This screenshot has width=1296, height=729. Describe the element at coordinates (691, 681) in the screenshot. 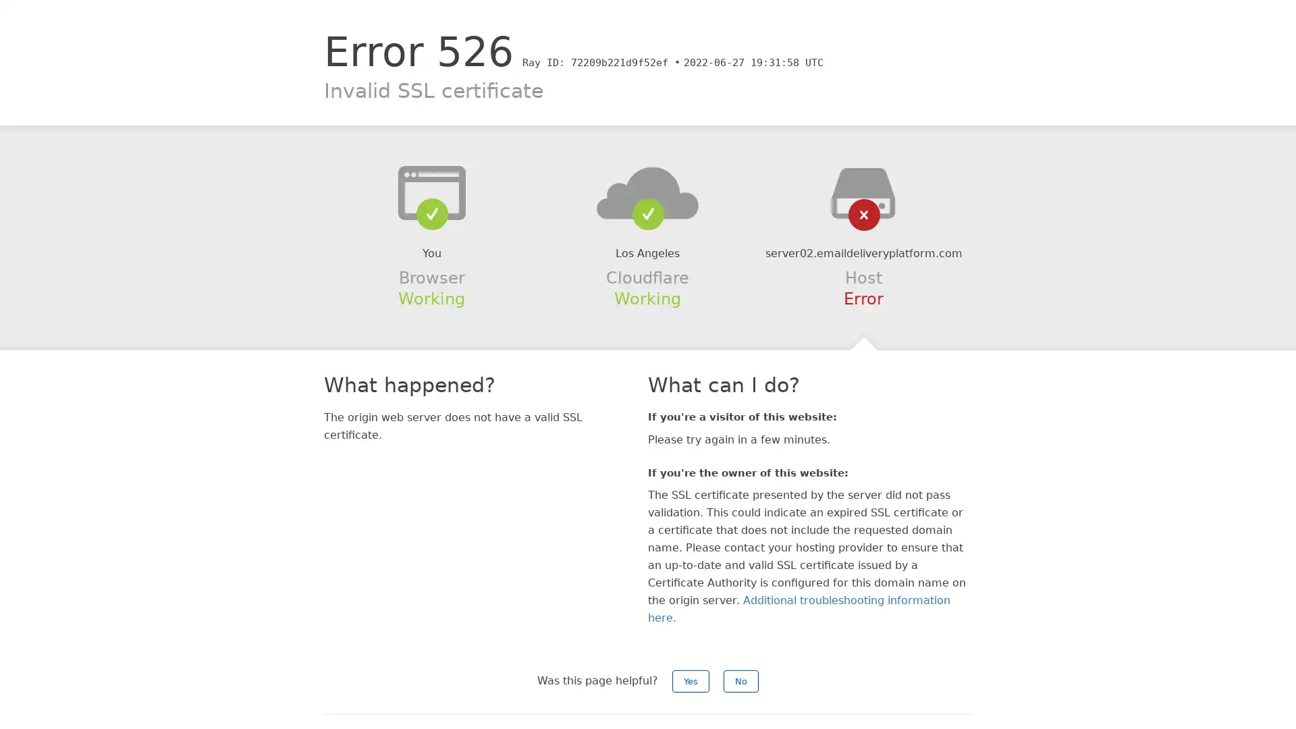

I see `Yes` at that location.